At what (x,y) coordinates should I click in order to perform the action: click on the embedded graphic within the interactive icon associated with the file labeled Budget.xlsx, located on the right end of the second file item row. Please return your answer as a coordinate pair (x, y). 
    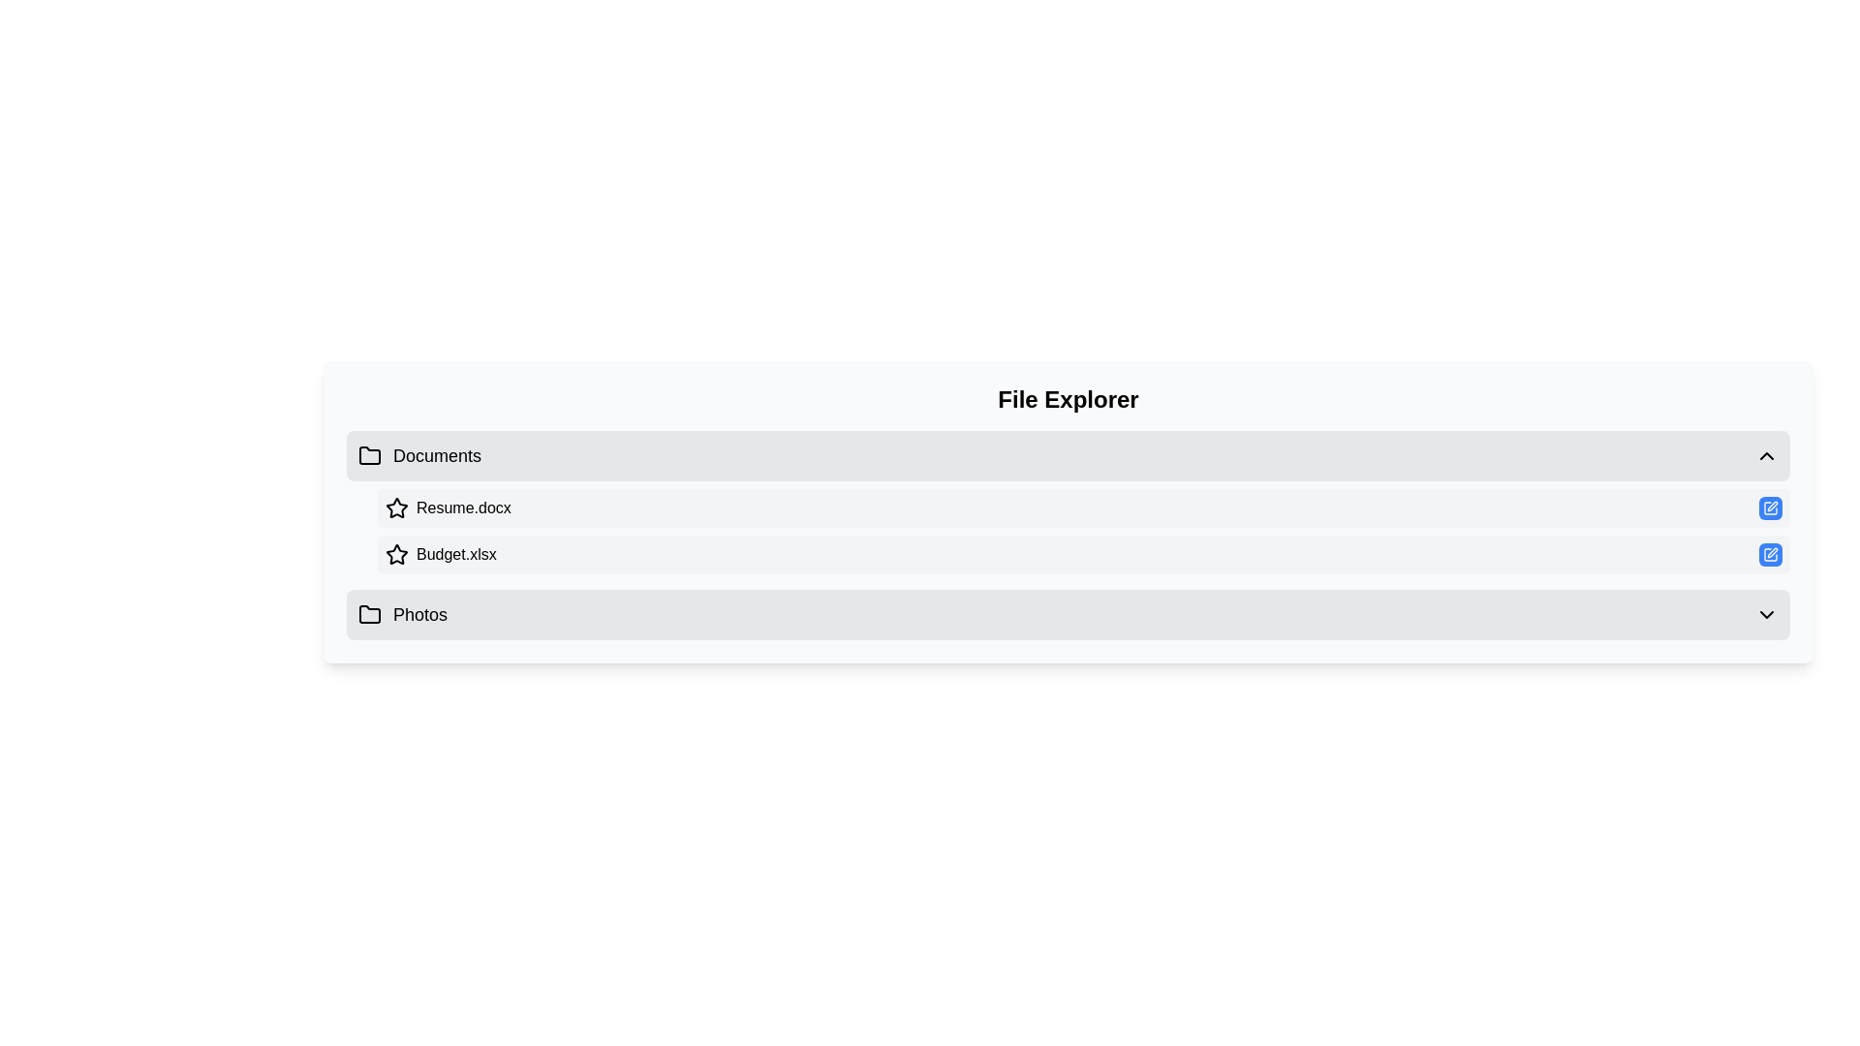
    Looking at the image, I should click on (1771, 555).